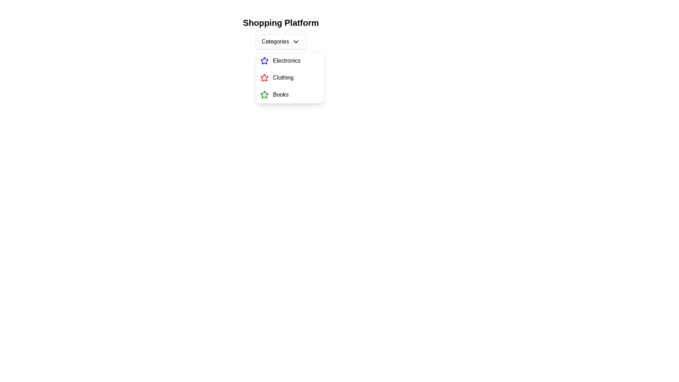 This screenshot has height=382, width=679. What do you see at coordinates (290, 60) in the screenshot?
I see `the first entry in the vertical list that contains a blue star icon and the text 'Electronics'` at bounding box center [290, 60].